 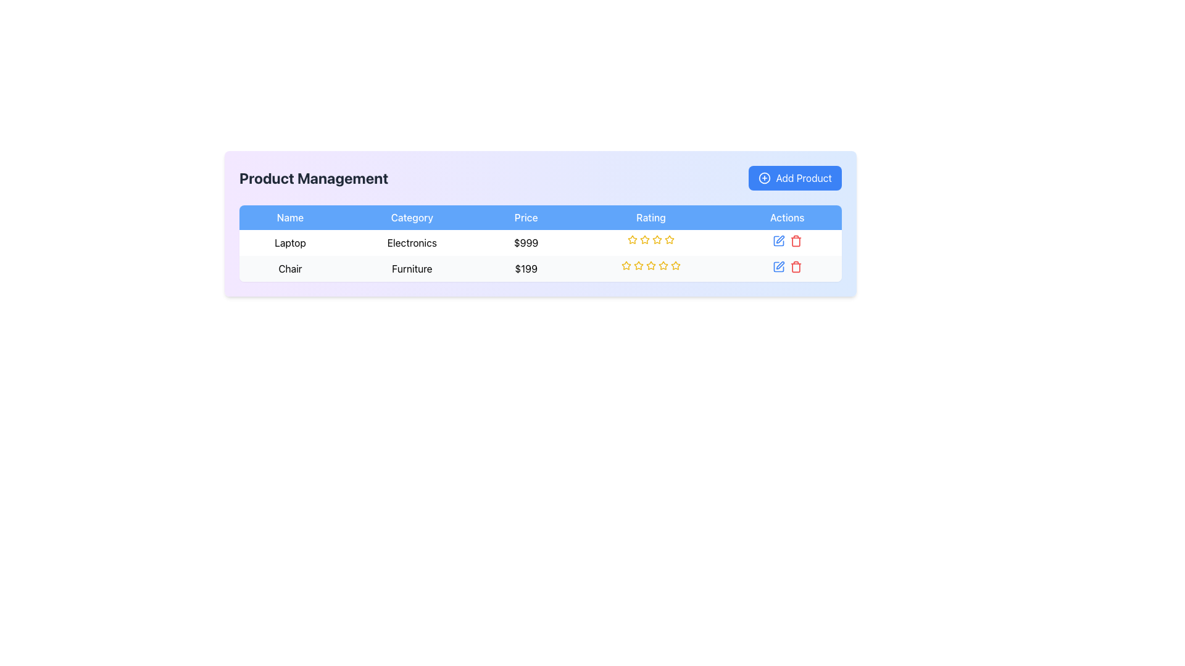 What do you see at coordinates (650, 264) in the screenshot?
I see `the third star icon with a yellow outline in the rating section of the 'Chair' entry to rate` at bounding box center [650, 264].